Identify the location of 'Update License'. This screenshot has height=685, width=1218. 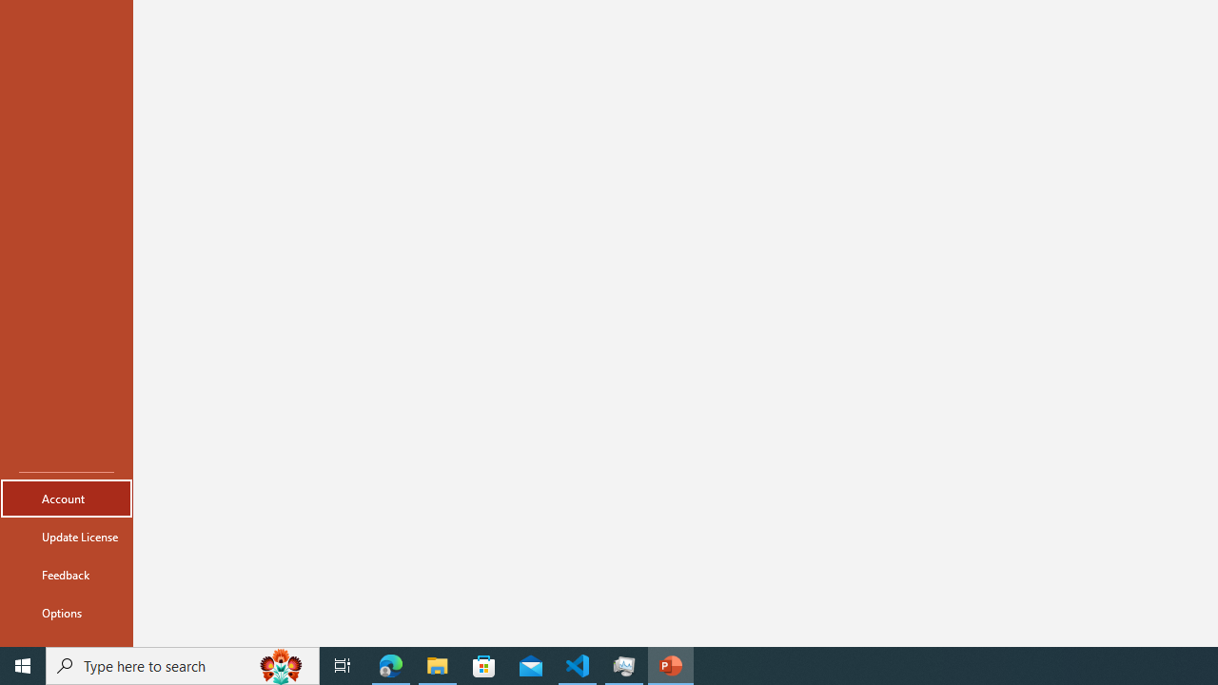
(66, 537).